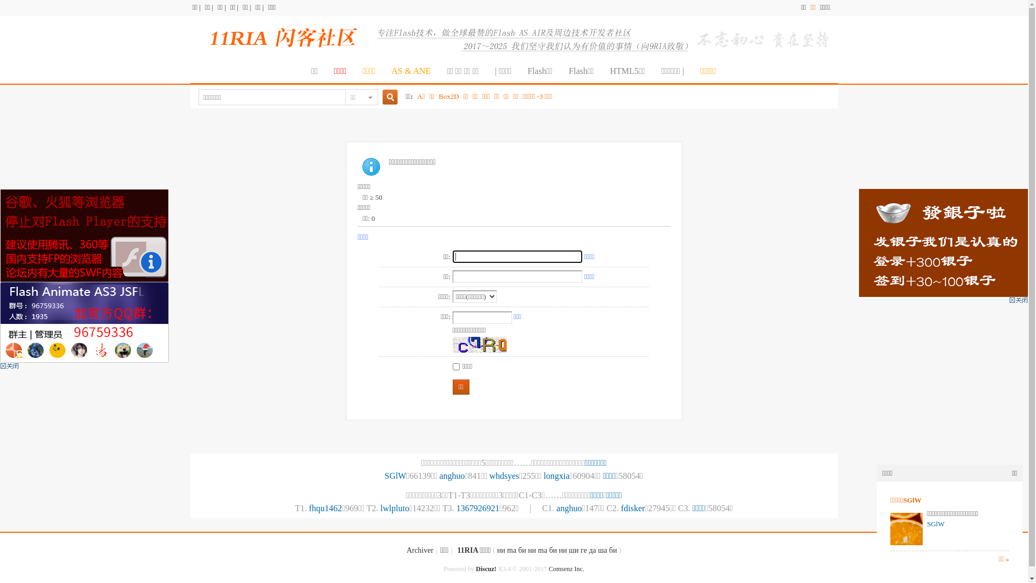  I want to click on '1367926921', so click(478, 508).